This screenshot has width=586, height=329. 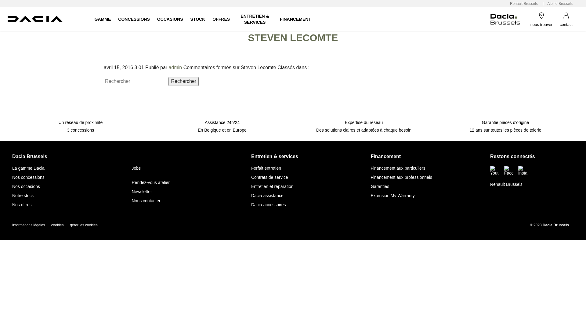 What do you see at coordinates (222, 120) in the screenshot?
I see `'Assistance 24h/24` at bounding box center [222, 120].